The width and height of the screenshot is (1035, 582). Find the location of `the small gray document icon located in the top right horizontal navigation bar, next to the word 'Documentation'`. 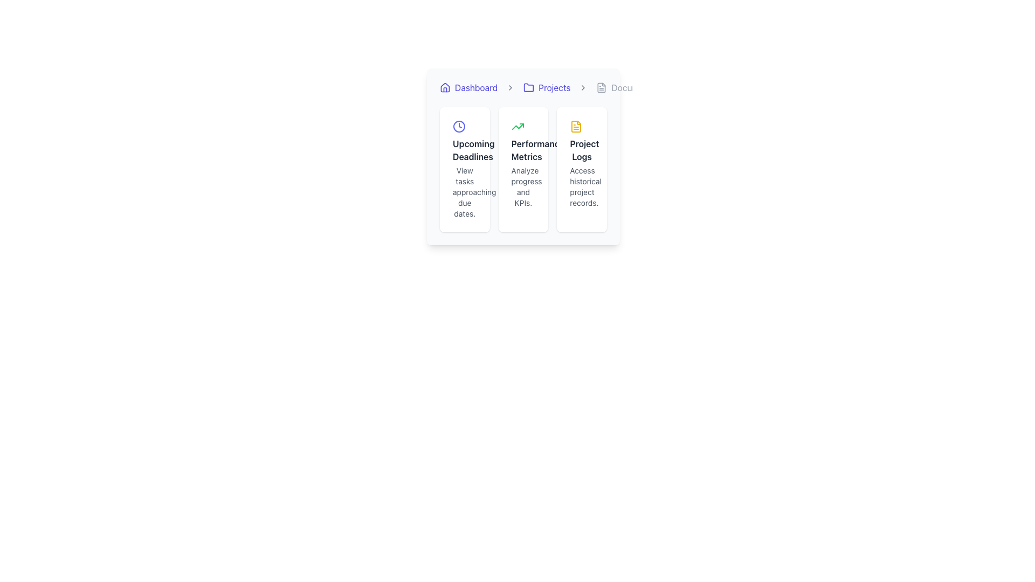

the small gray document icon located in the top right horizontal navigation bar, next to the word 'Documentation' is located at coordinates (601, 87).